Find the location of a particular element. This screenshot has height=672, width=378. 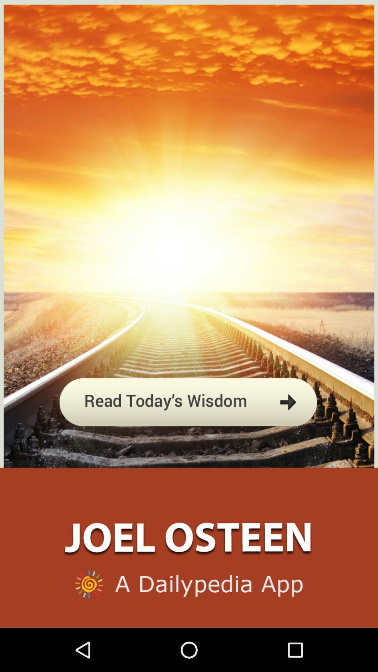

next page read today 's wisdom is located at coordinates (188, 435).